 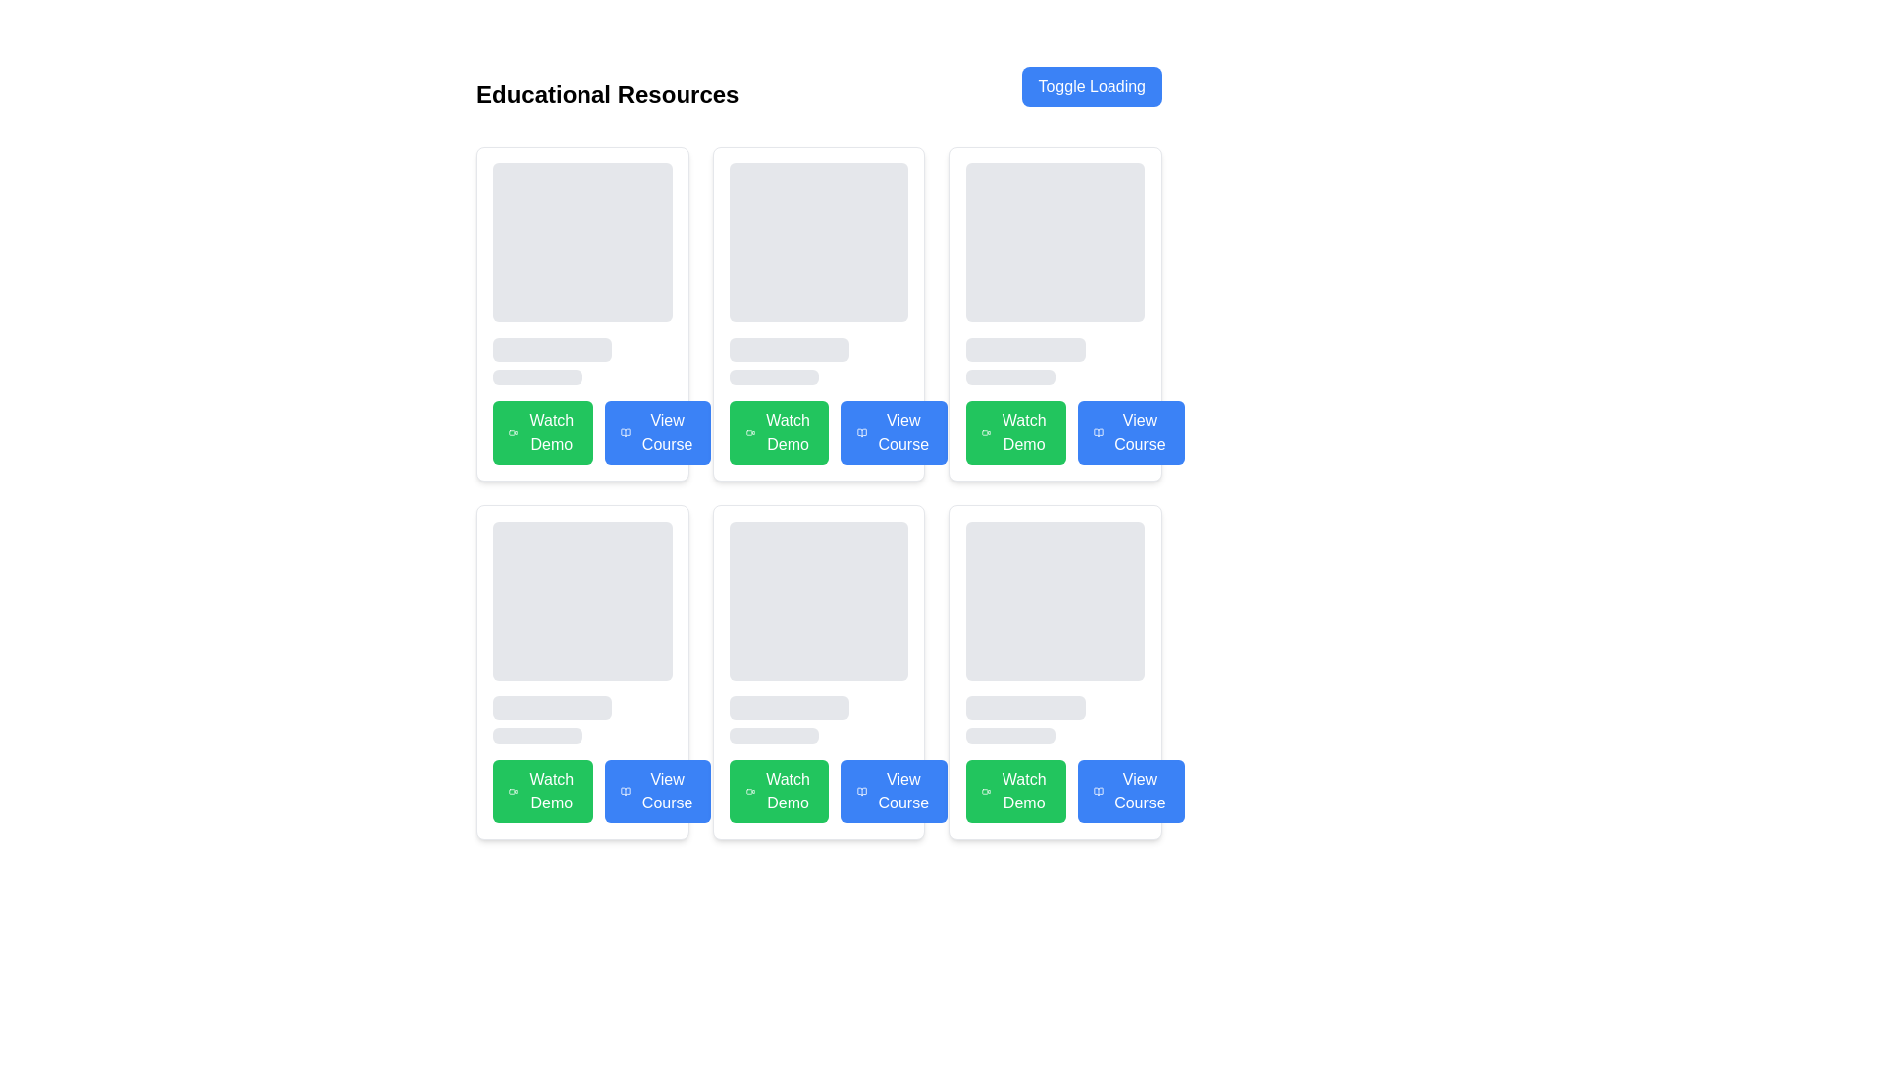 What do you see at coordinates (818, 671) in the screenshot?
I see `the educational resources card located in the second row and second column of the grid, which contains buttons for 'Watch Demo' and 'View Course'` at bounding box center [818, 671].